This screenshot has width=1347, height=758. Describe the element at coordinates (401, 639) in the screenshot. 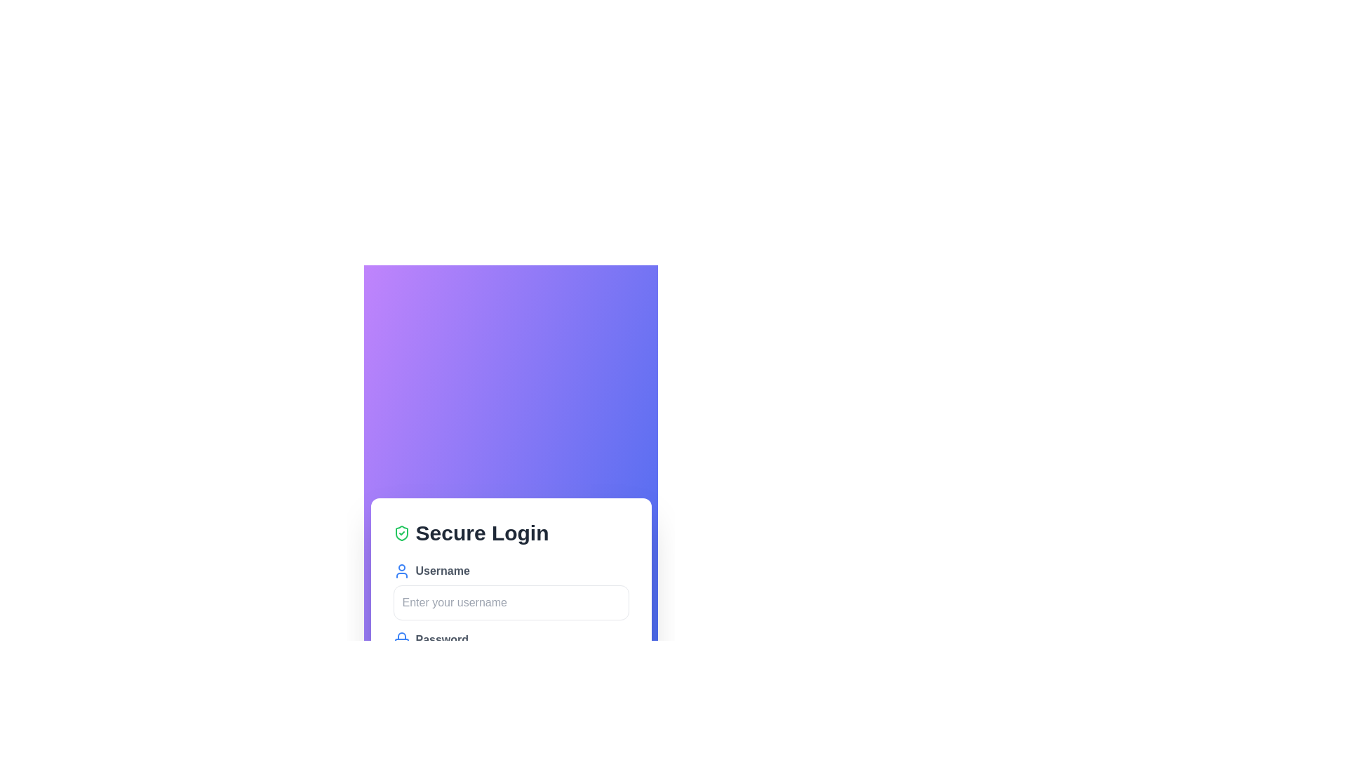

I see `the lock icon situated on the left side of the 'Password' text, which conveys security in the password field` at that location.